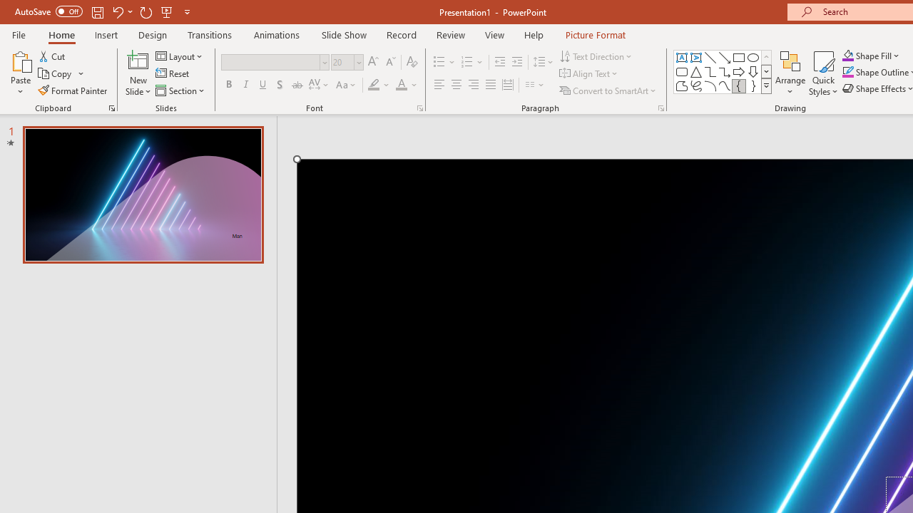 This screenshot has height=513, width=913. What do you see at coordinates (848, 55) in the screenshot?
I see `'Shape Fill Orange, Accent 2'` at bounding box center [848, 55].